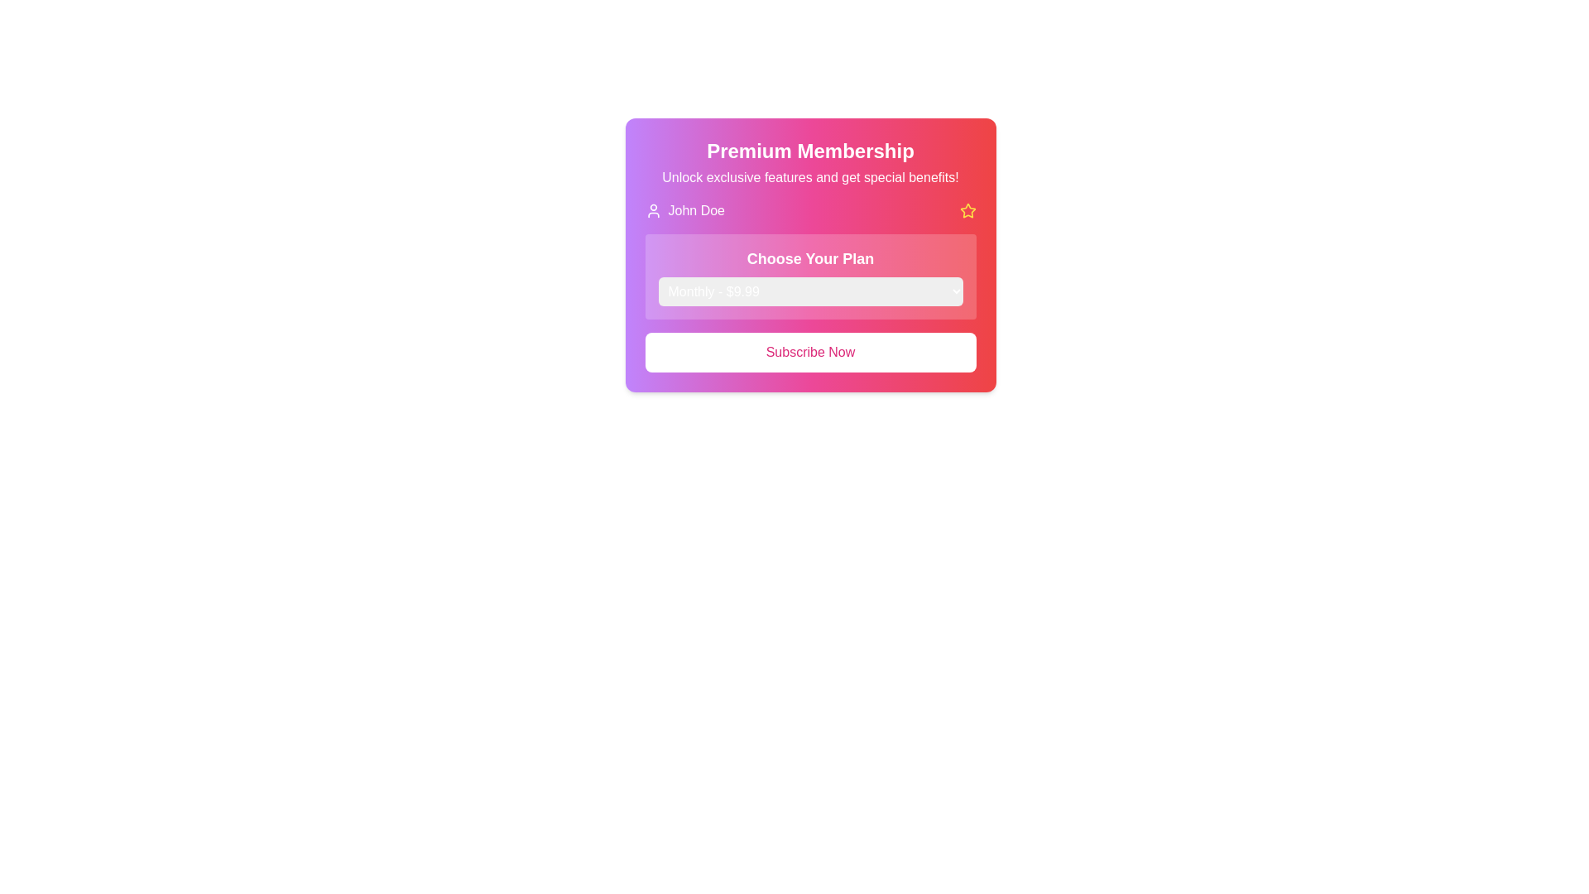 This screenshot has width=1589, height=894. I want to click on the premium membership icon located at the top-right corner of the user information section, adjacent to 'John Doe', so click(967, 209).